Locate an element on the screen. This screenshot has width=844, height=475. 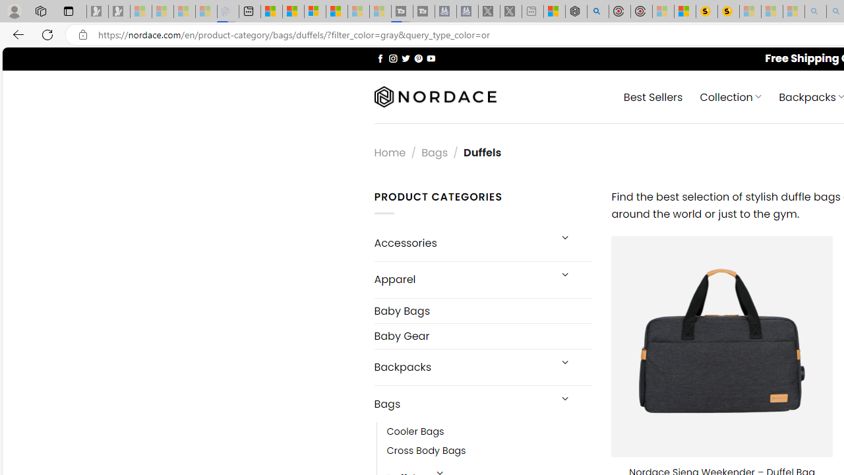
'Apparel' is located at coordinates (462, 278).